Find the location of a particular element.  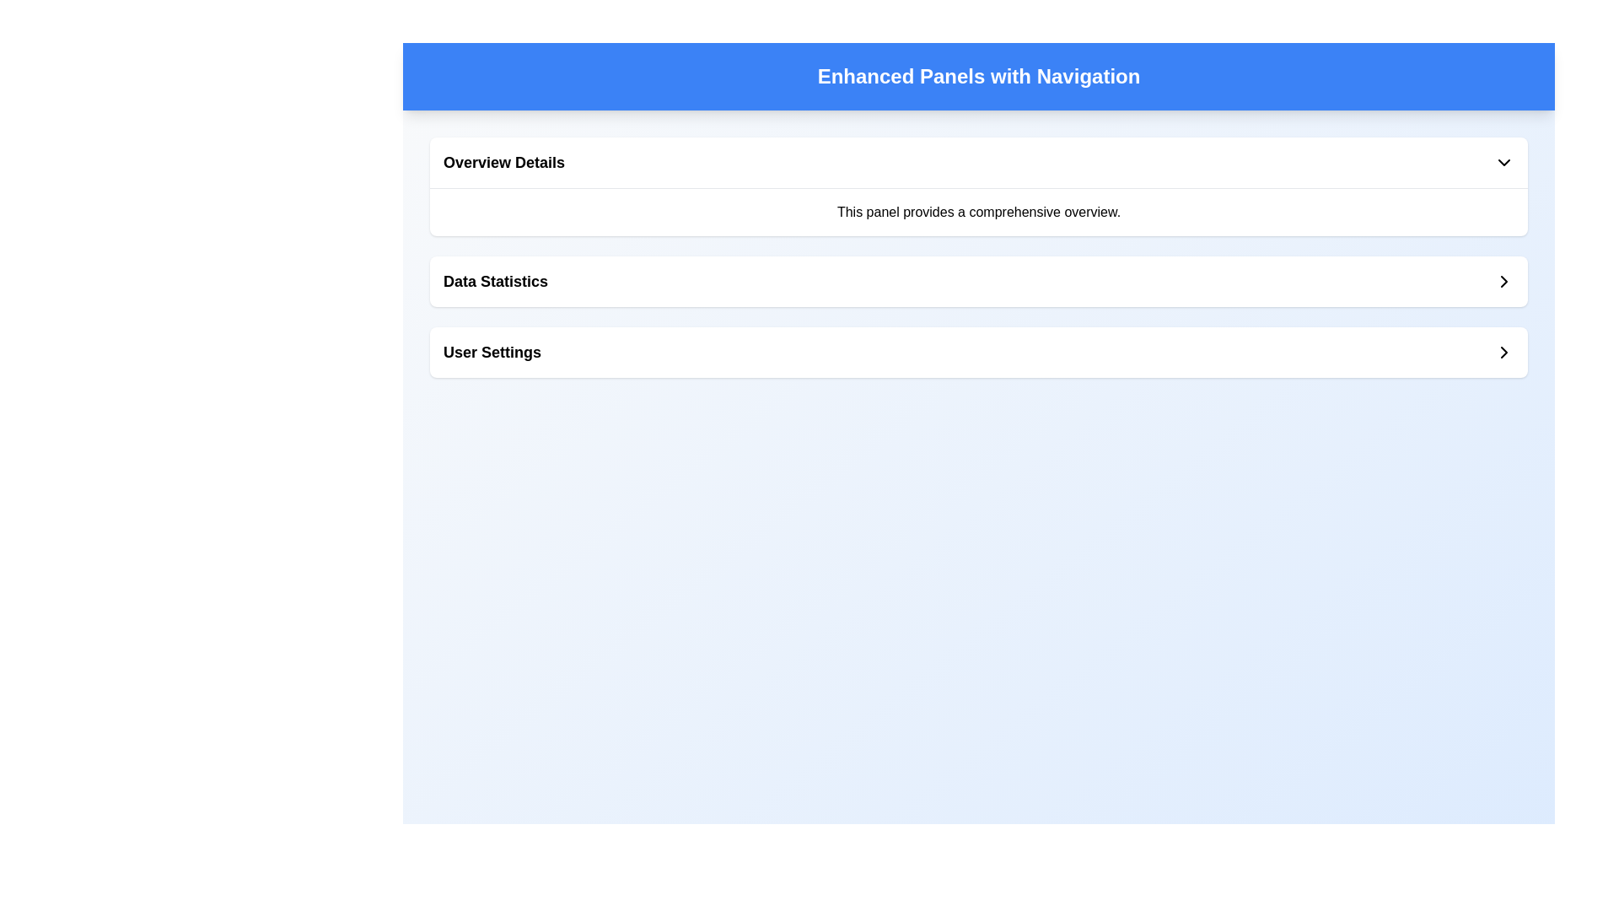

the downward-pointing chevron icon located at the far right of the 'Overview Details' section header is located at coordinates (1504, 162).